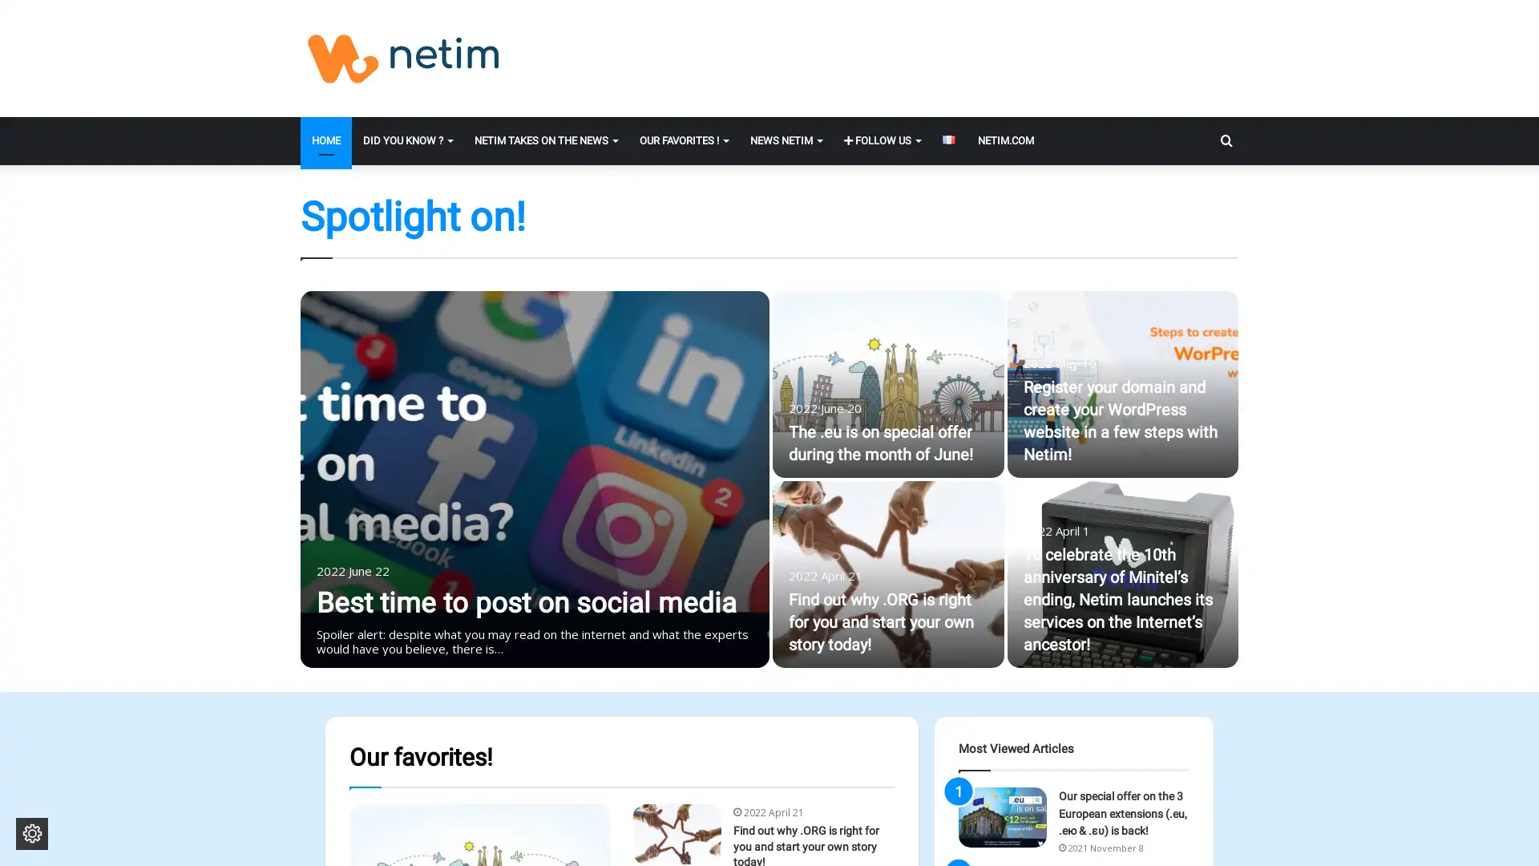 The height and width of the screenshot is (866, 1539). What do you see at coordinates (31, 833) in the screenshot?
I see `Change cookie settings` at bounding box center [31, 833].